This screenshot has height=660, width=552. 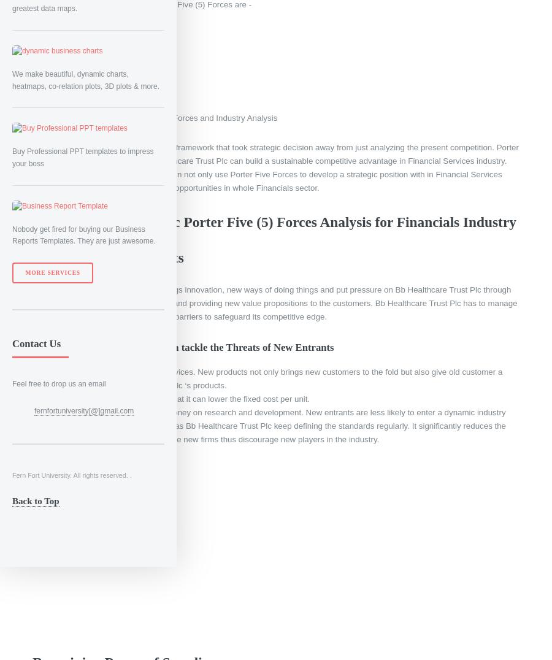 I want to click on 'By innovating new products and services. New  products not only brings new customers to the fold but also give old customer a  reason to buy Bb Healthcare Trust Plc ‘s products.', so click(x=274, y=378).